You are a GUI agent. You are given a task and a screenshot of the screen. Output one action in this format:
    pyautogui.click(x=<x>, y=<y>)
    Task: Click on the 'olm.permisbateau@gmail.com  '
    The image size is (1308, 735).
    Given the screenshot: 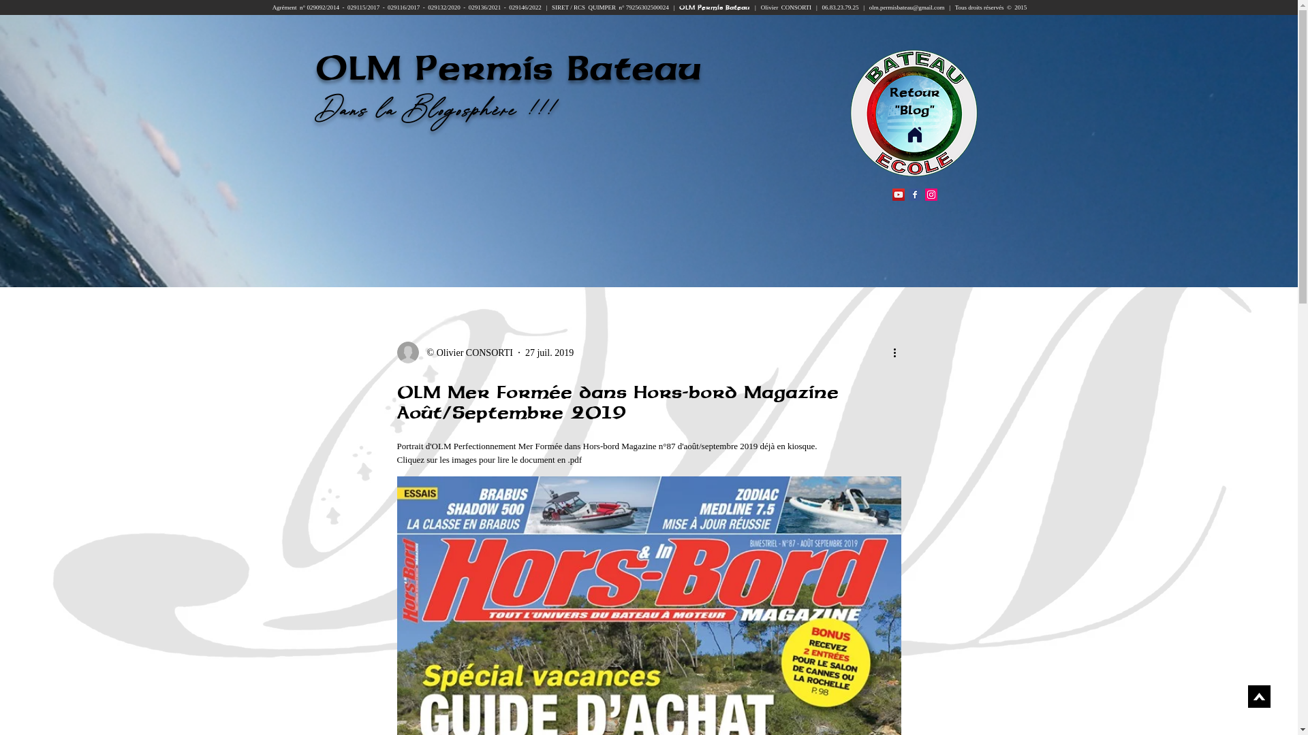 What is the action you would take?
    pyautogui.click(x=908, y=7)
    